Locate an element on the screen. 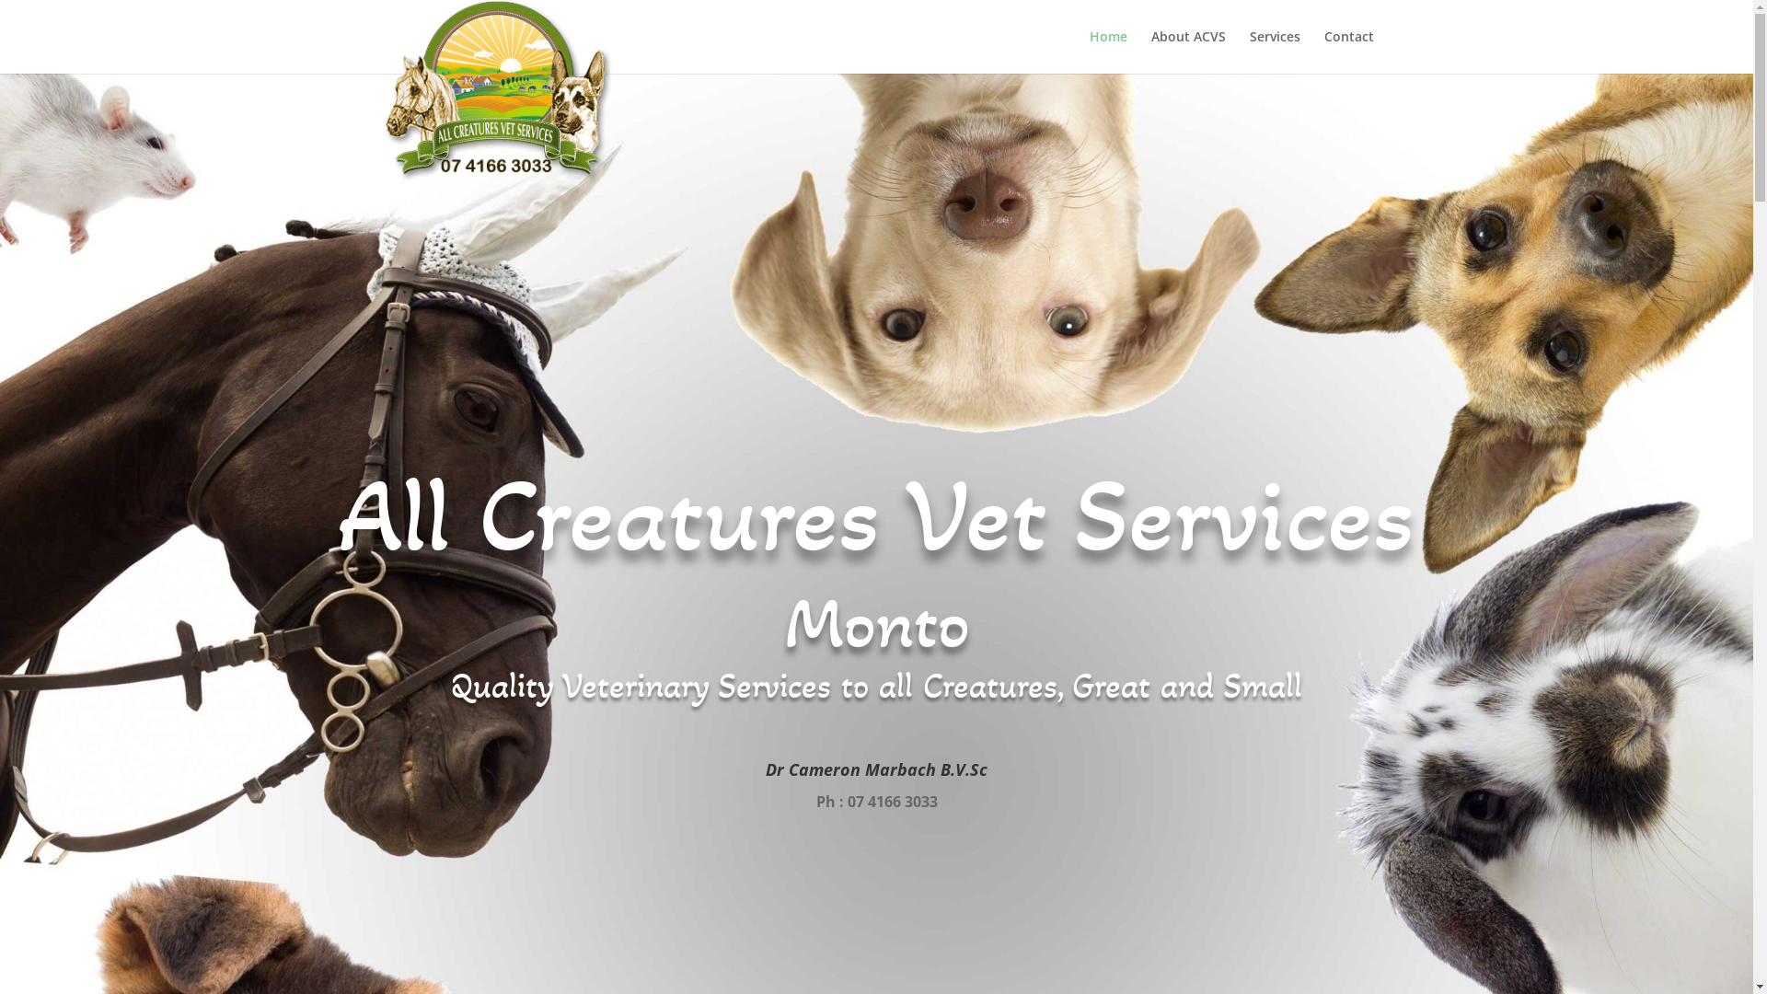 This screenshot has width=1767, height=994. 'Home' is located at coordinates (1107, 51).